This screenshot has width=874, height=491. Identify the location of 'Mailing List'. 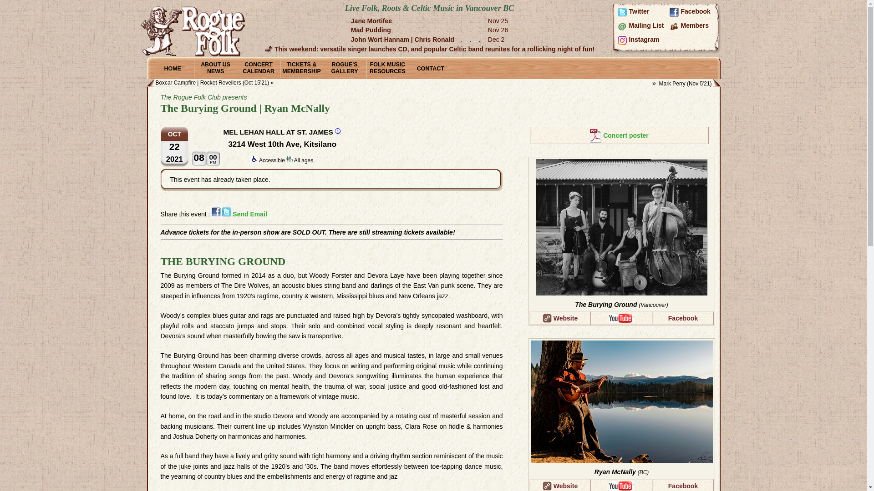
(642, 25).